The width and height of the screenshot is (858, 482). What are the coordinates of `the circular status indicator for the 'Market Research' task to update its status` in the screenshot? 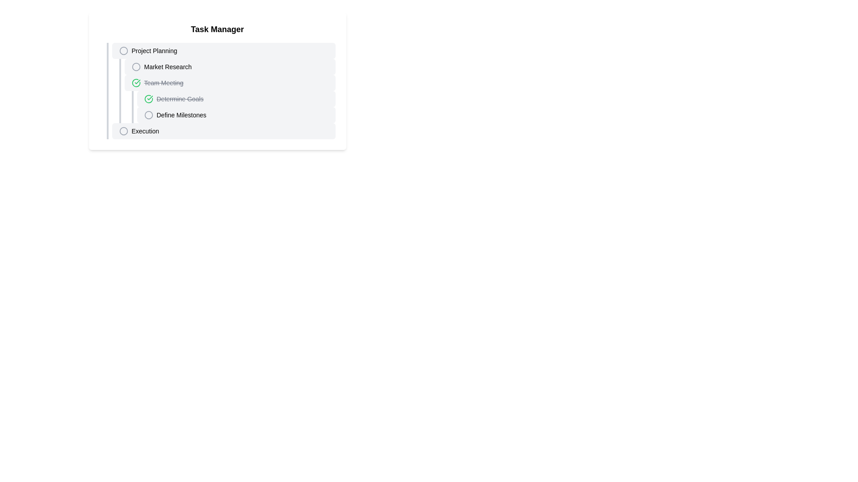 It's located at (135, 66).